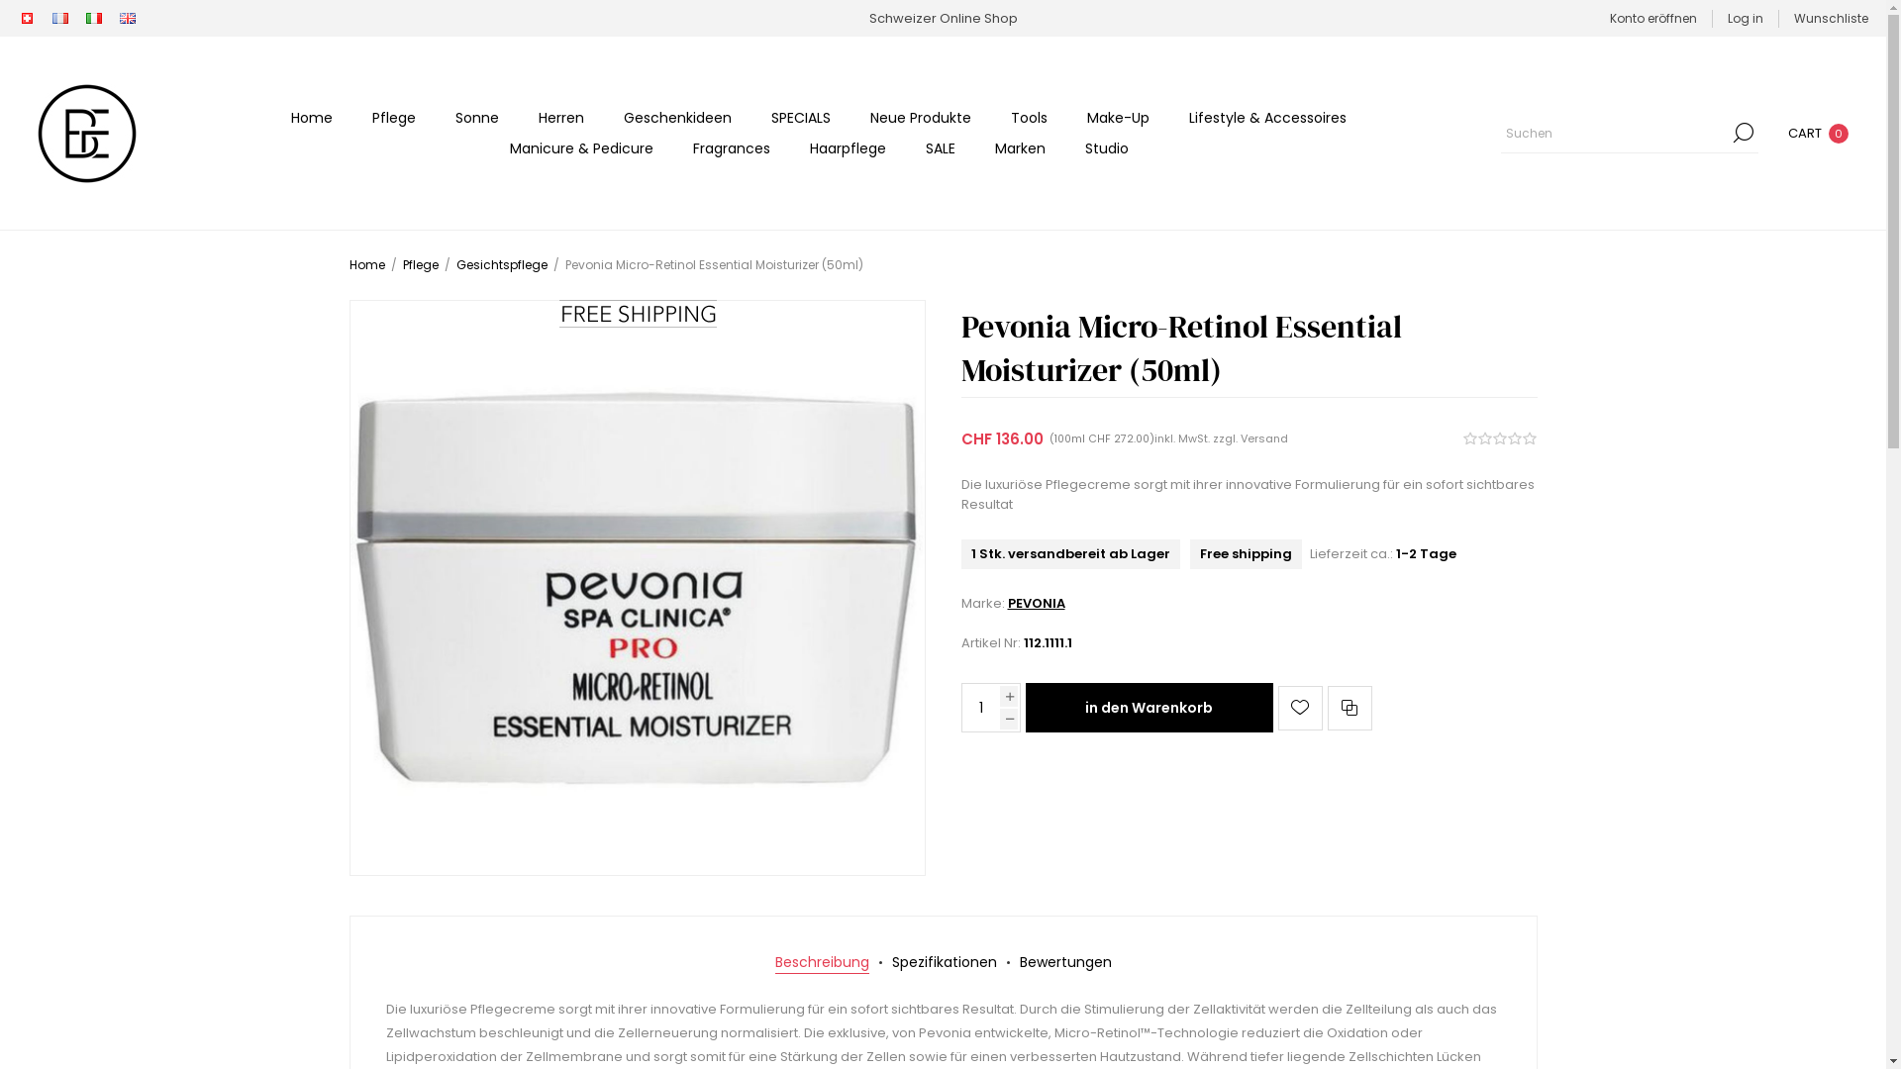  I want to click on 'Sonne', so click(476, 118).